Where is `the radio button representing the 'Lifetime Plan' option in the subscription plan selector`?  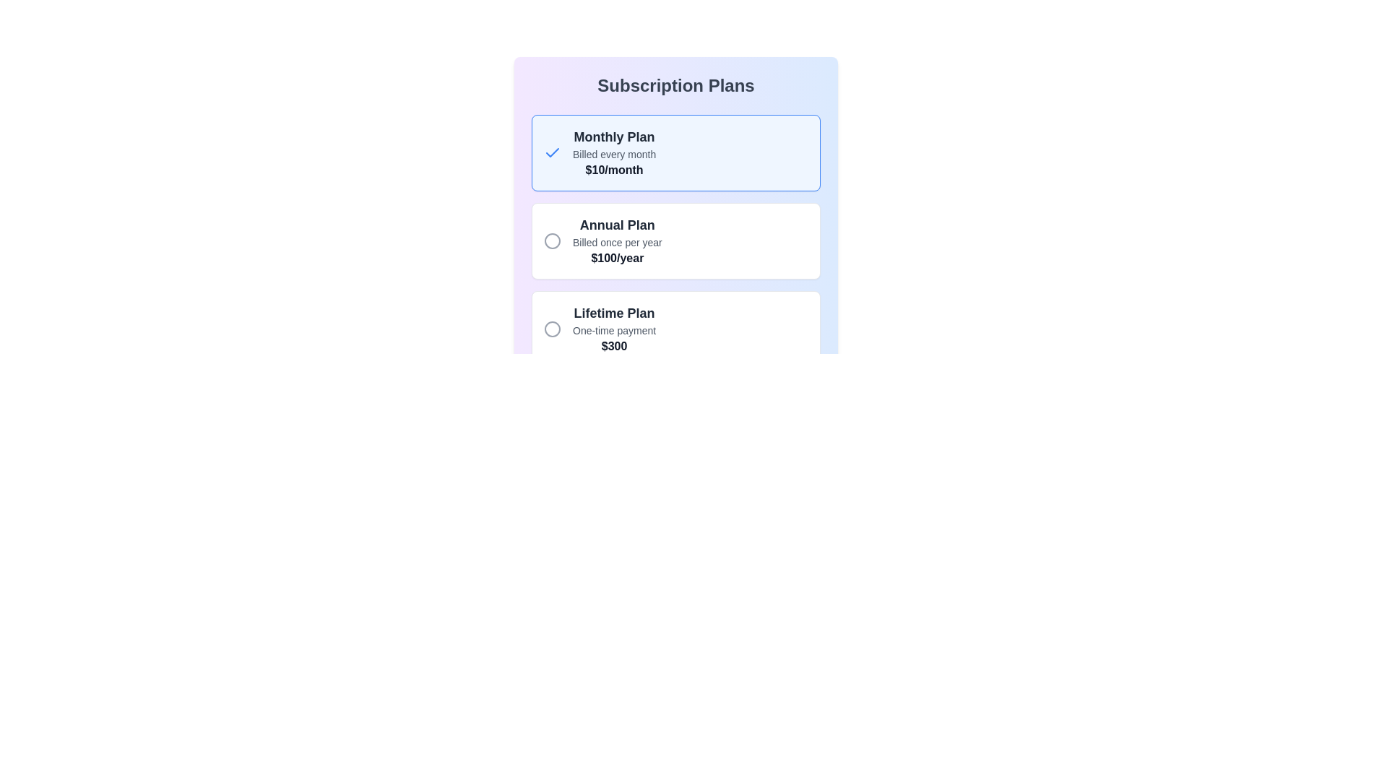
the radio button representing the 'Lifetime Plan' option in the subscription plan selector is located at coordinates (551, 329).